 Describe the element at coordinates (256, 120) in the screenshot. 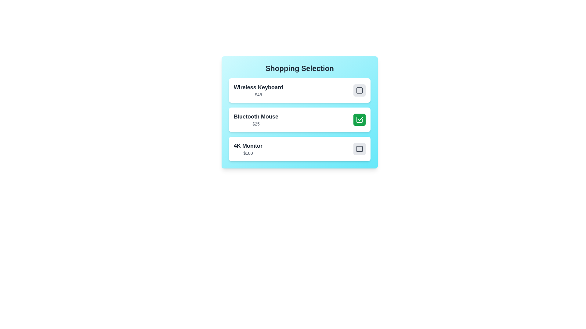

I see `the text label that describes a product's name and price, positioned below 'Wireless Keyboard $45' and above '4K Monitor $180'` at that location.